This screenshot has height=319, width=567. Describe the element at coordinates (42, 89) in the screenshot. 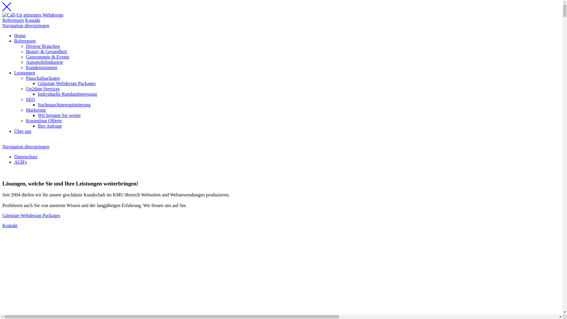

I see `'Up2date-Services'` at that location.